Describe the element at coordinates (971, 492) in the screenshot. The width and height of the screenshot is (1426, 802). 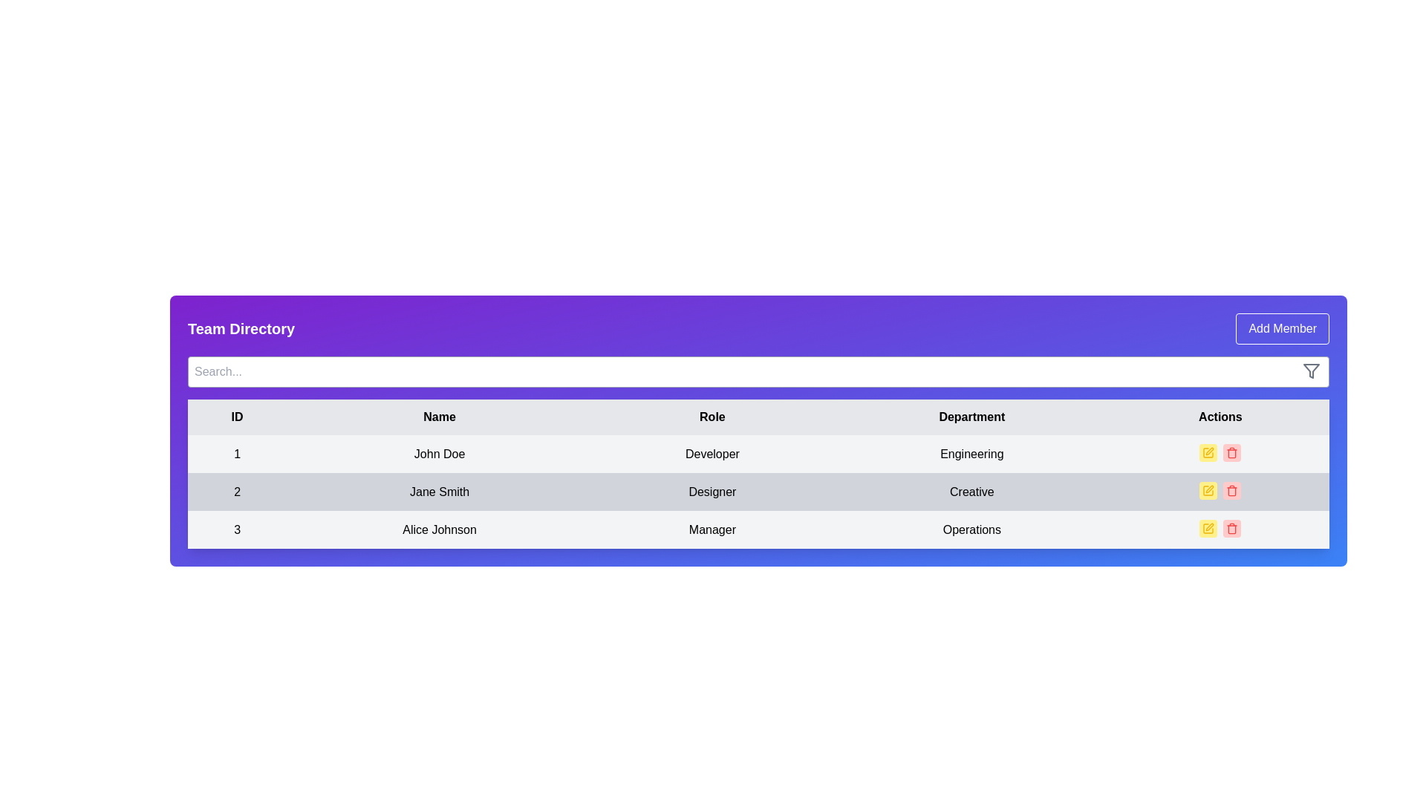
I see `the non-interactive text label displaying the department name 'Creative' in the fourth column of the second row of the 'Team Directory' interface` at that location.